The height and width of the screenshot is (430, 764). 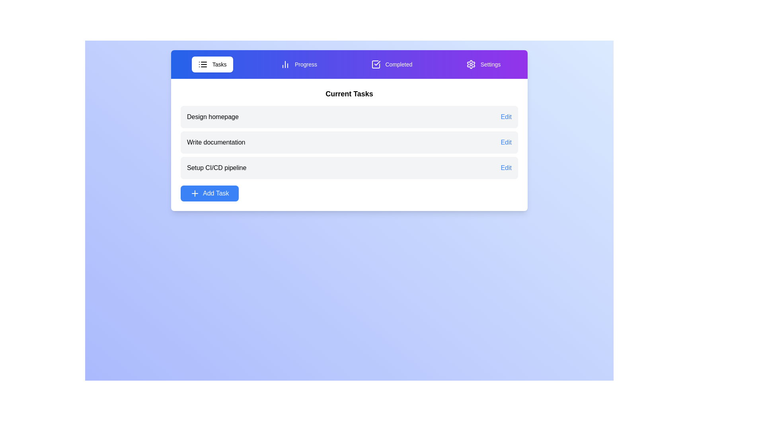 I want to click on the 'Tasks' button, which is a rectangular button with a white background, a black list icon, and bold black text, located in the leftmost position of the navigation bar, so click(x=212, y=64).